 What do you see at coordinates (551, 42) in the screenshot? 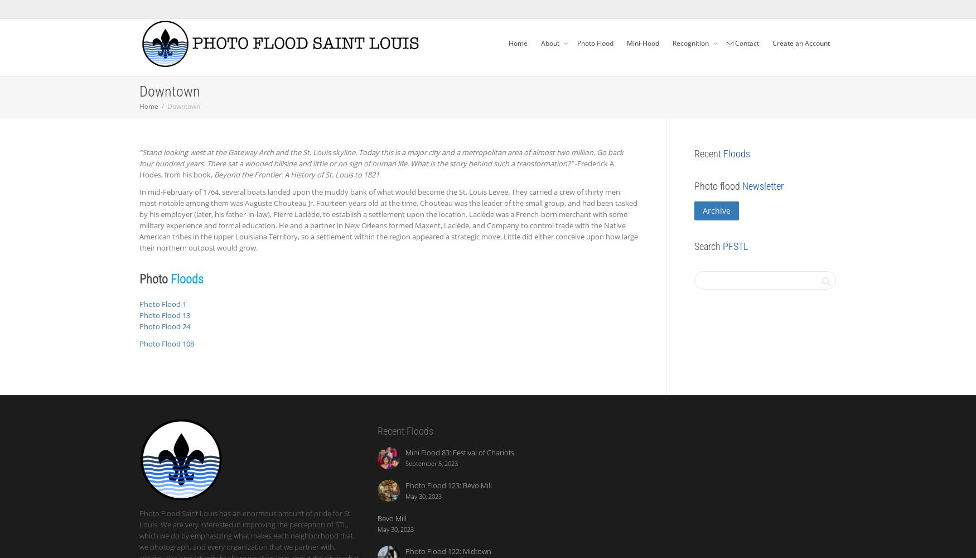
I see `'About'` at bounding box center [551, 42].